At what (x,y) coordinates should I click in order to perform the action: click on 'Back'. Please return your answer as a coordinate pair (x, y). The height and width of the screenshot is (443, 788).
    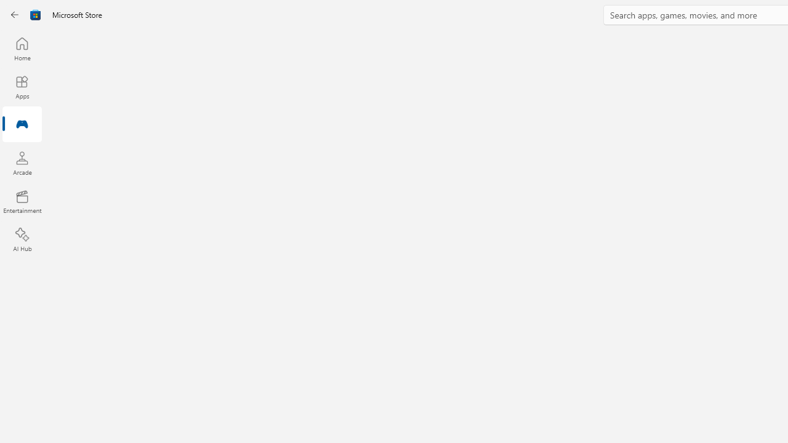
    Looking at the image, I should click on (15, 15).